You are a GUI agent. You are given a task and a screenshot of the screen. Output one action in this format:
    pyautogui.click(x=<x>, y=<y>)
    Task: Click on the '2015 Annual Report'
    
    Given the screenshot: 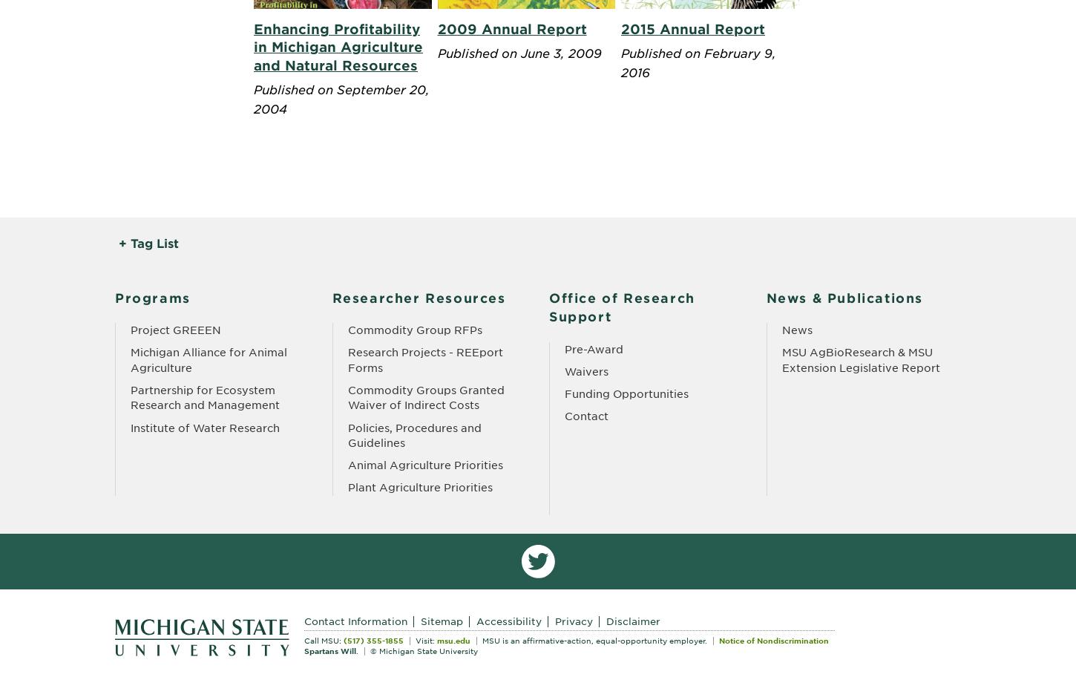 What is the action you would take?
    pyautogui.click(x=692, y=28)
    